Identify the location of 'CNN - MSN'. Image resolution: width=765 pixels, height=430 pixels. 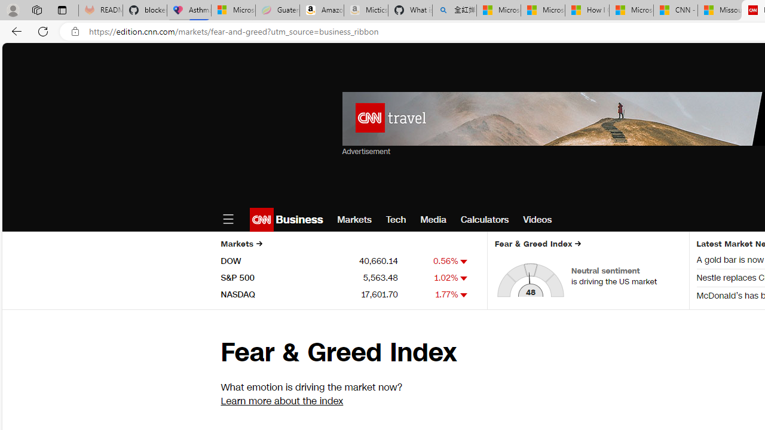
(675, 10).